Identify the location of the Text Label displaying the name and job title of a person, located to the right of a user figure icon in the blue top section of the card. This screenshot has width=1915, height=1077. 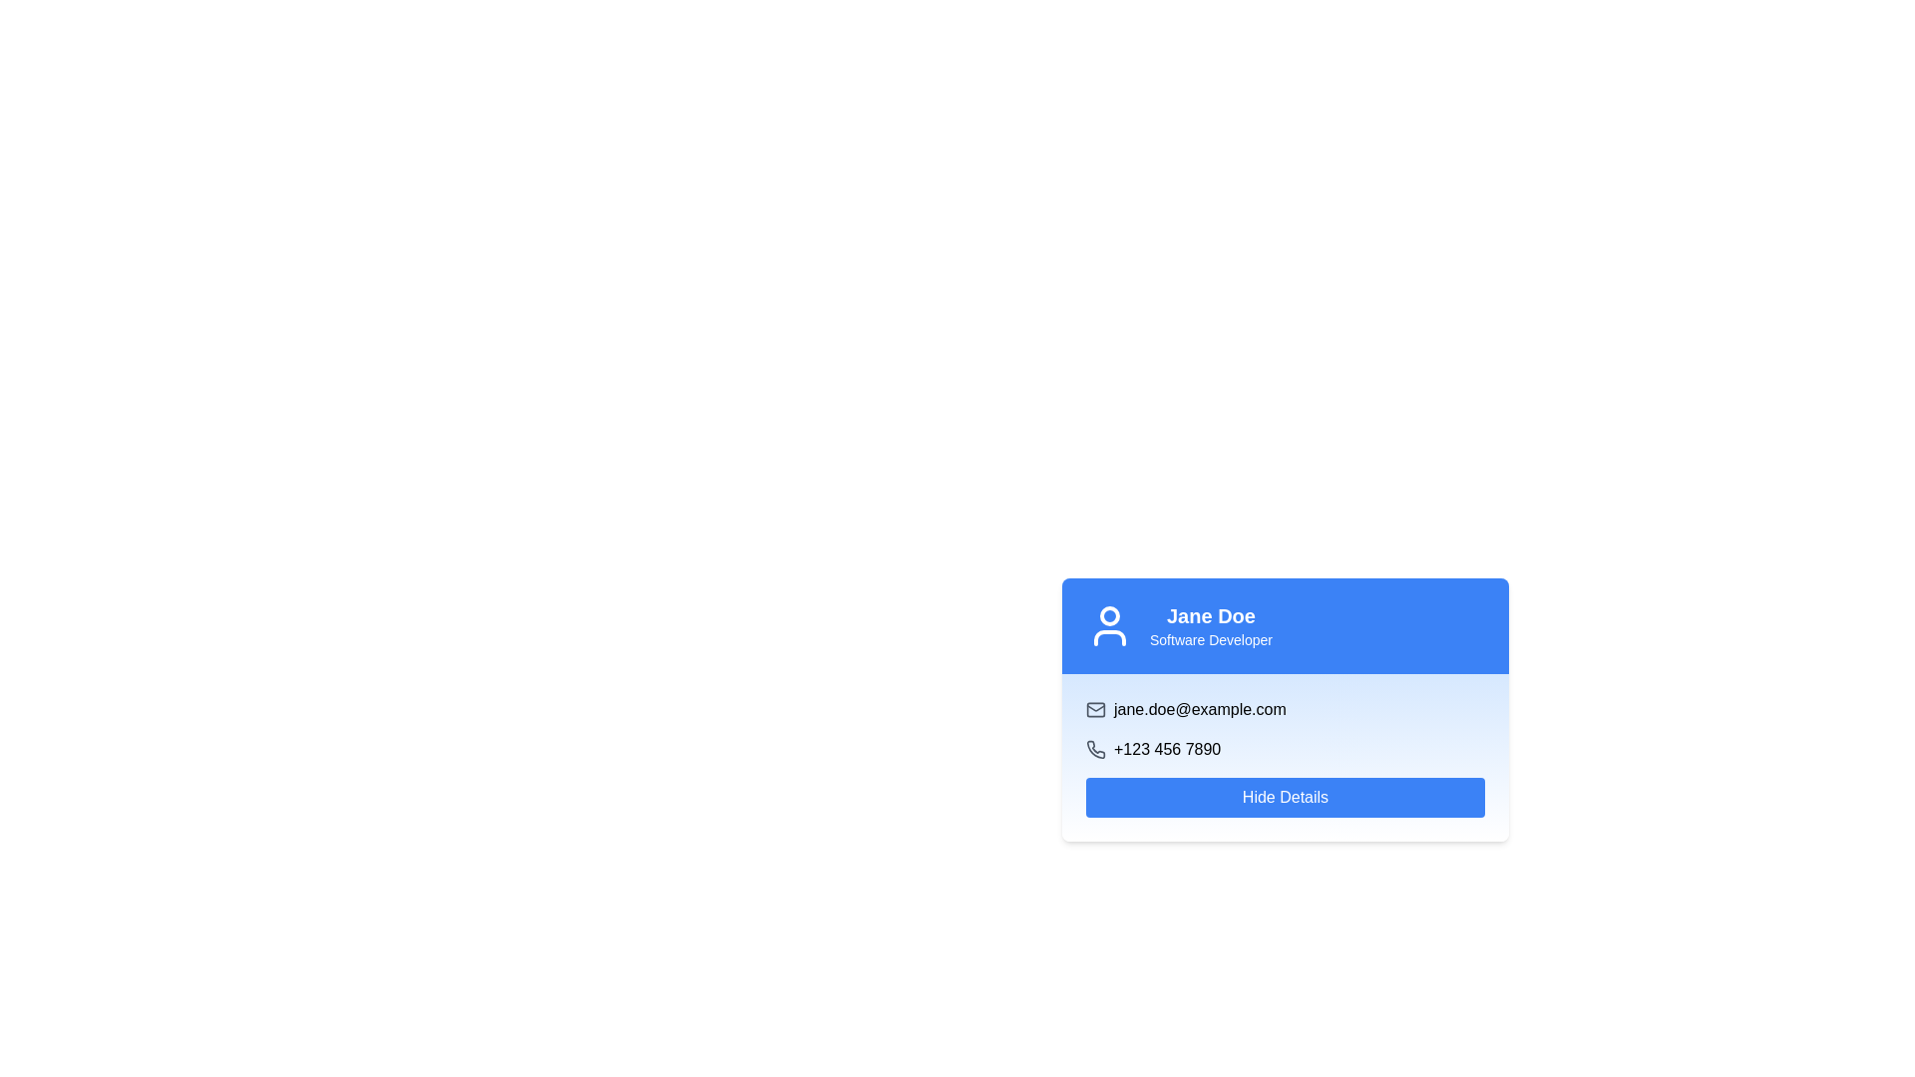
(1210, 625).